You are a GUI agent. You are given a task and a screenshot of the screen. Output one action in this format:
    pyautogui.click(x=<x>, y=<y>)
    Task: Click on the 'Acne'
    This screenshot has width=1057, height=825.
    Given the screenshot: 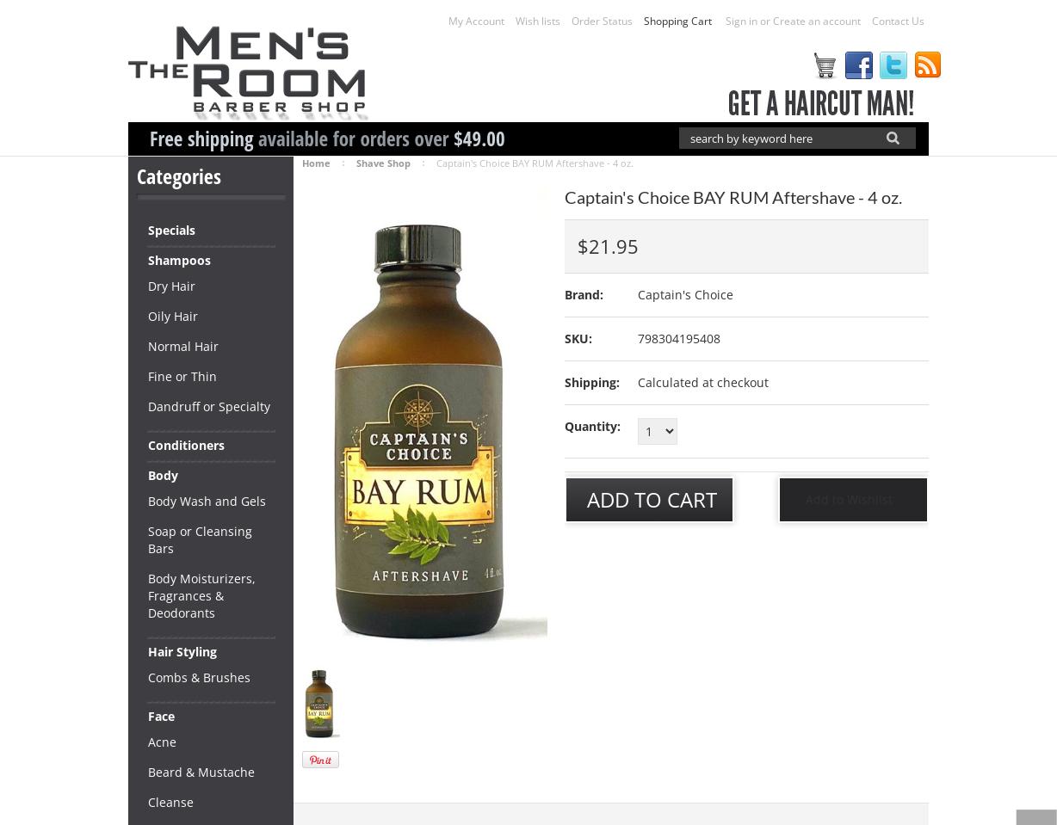 What is the action you would take?
    pyautogui.click(x=161, y=741)
    